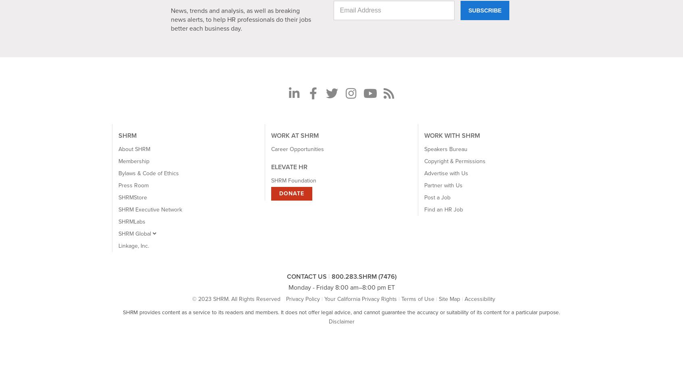 This screenshot has height=373, width=683. I want to click on 'Partner with Us', so click(443, 185).